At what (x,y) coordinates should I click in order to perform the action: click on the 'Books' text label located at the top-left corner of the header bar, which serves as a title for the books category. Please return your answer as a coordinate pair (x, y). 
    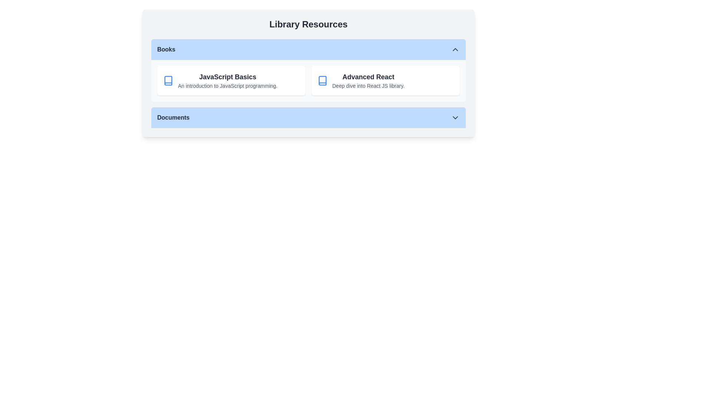
    Looking at the image, I should click on (166, 50).